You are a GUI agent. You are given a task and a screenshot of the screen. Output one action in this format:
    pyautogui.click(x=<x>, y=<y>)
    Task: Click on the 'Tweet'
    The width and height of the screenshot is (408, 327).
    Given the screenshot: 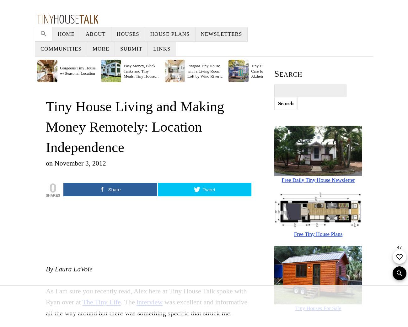 What is the action you would take?
    pyautogui.click(x=208, y=189)
    